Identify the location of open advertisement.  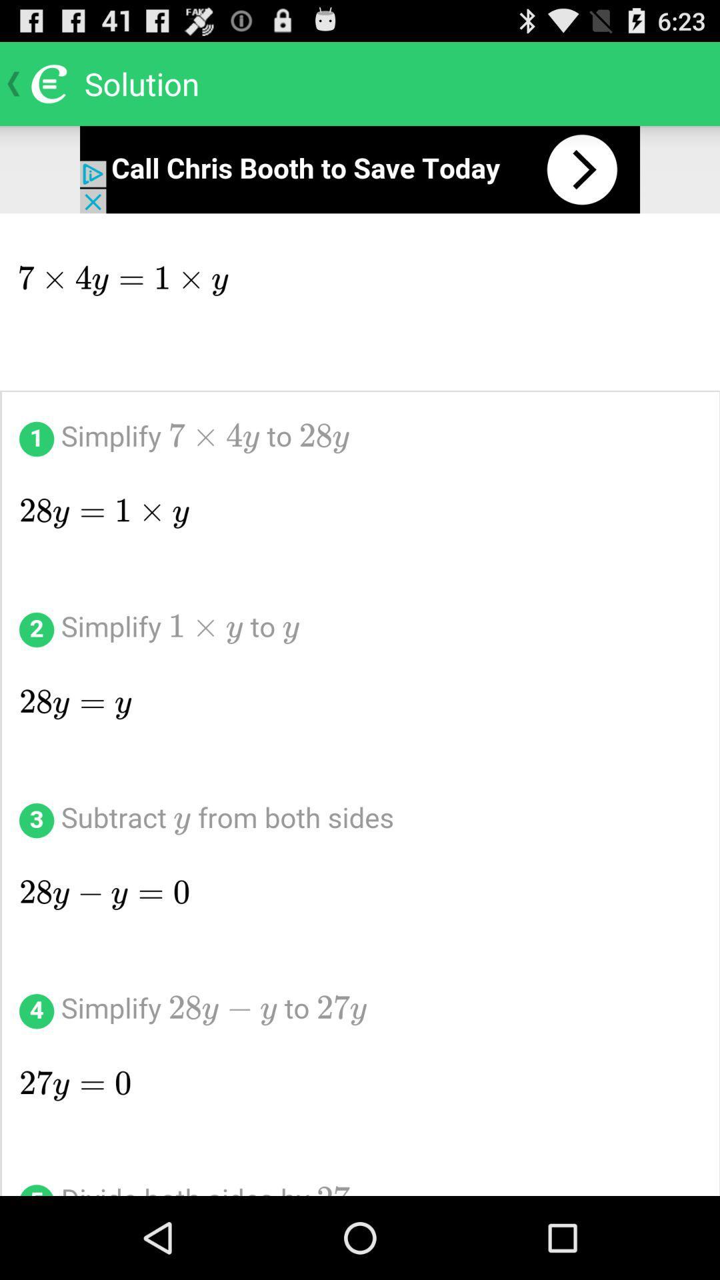
(360, 169).